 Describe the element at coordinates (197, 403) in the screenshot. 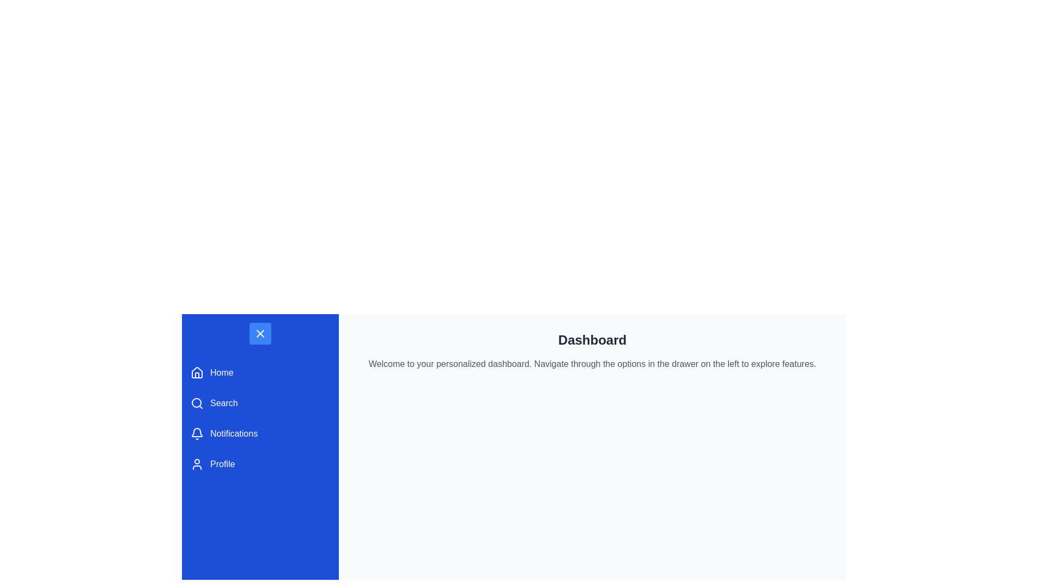

I see `the Search Icon located in the left-side menu panel, positioned immediately to the left of the text 'Search', to initiate the search function` at that location.